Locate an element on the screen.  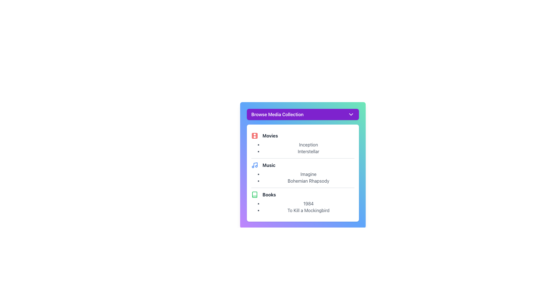
the 'Music' label, which is styled in bold dark gray and is the second category title in a list of media categories is located at coordinates (269, 165).